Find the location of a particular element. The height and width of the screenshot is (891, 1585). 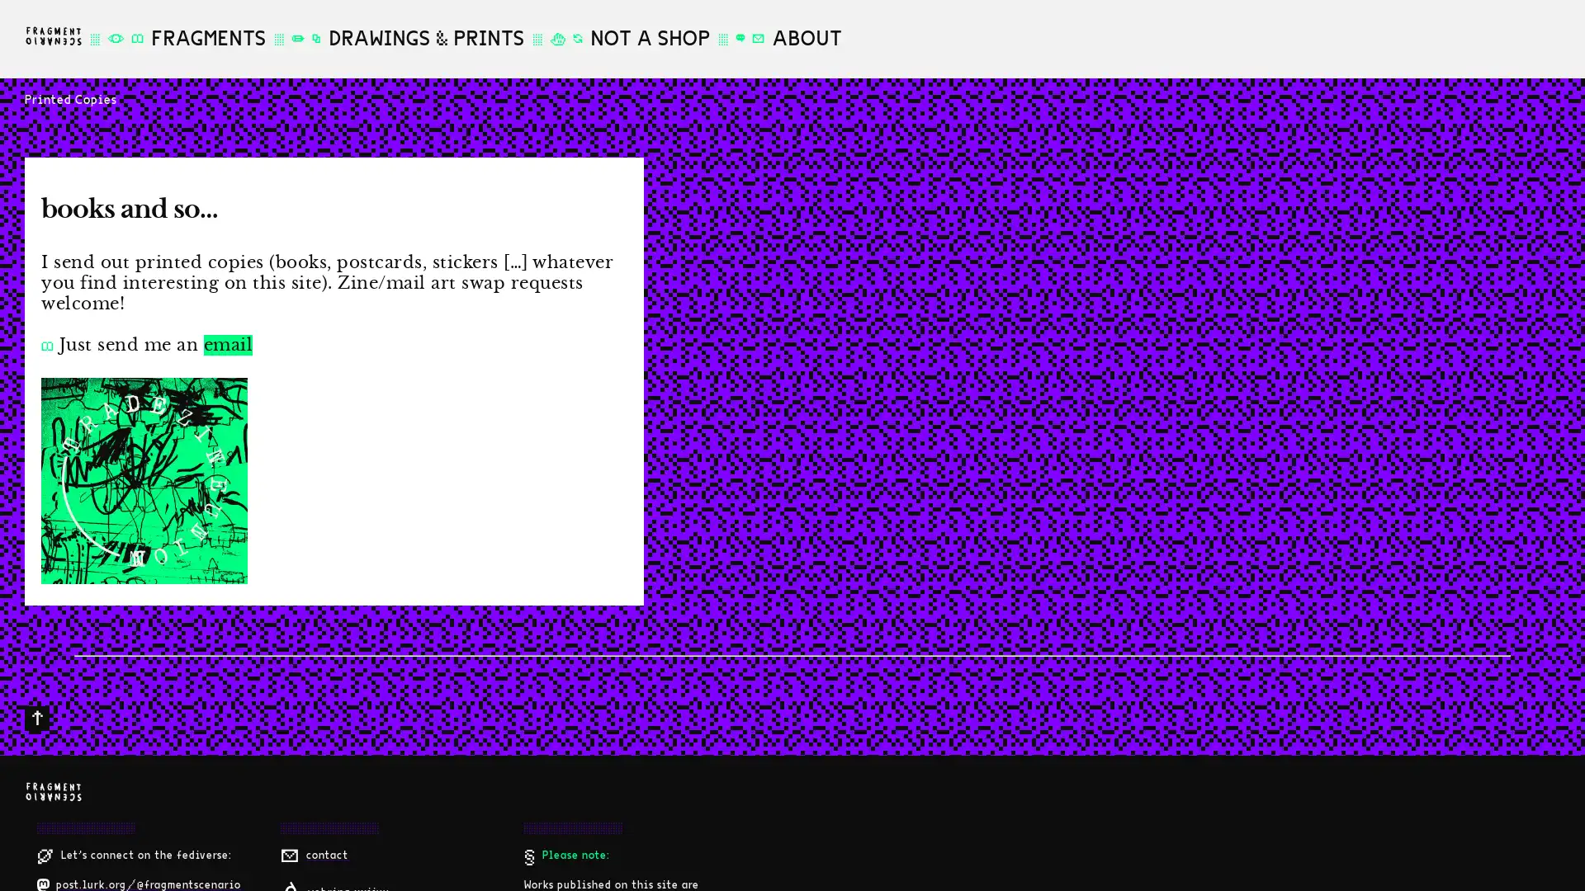

Top is located at coordinates (36, 718).